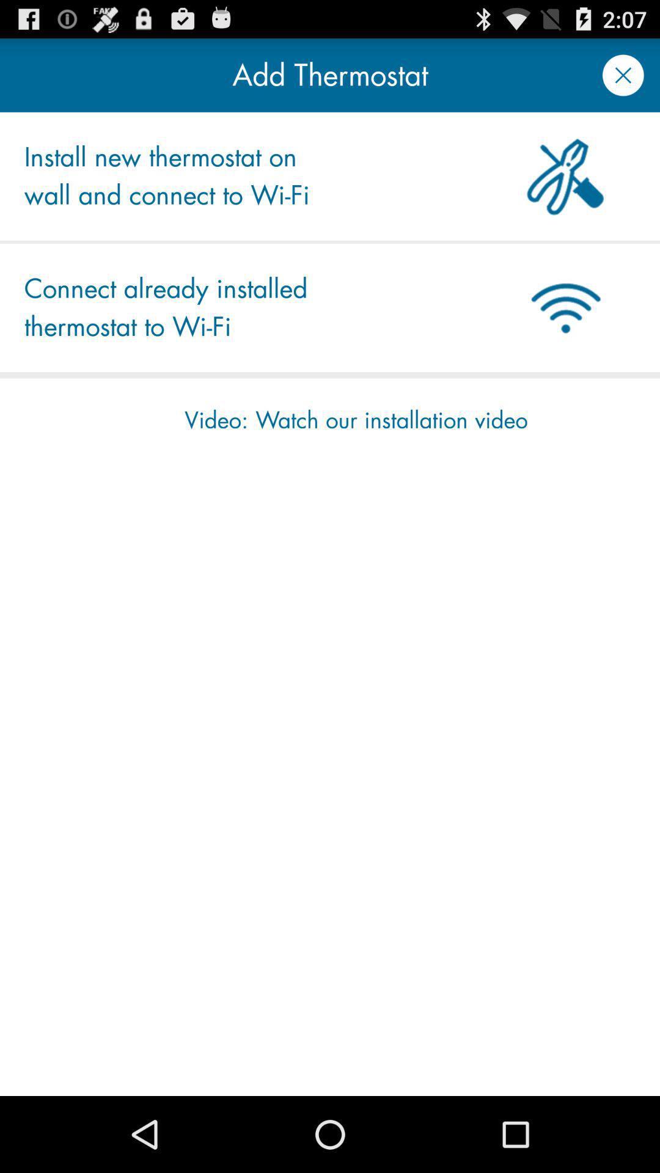 The image size is (660, 1173). Describe the element at coordinates (623, 75) in the screenshot. I see `option to add` at that location.